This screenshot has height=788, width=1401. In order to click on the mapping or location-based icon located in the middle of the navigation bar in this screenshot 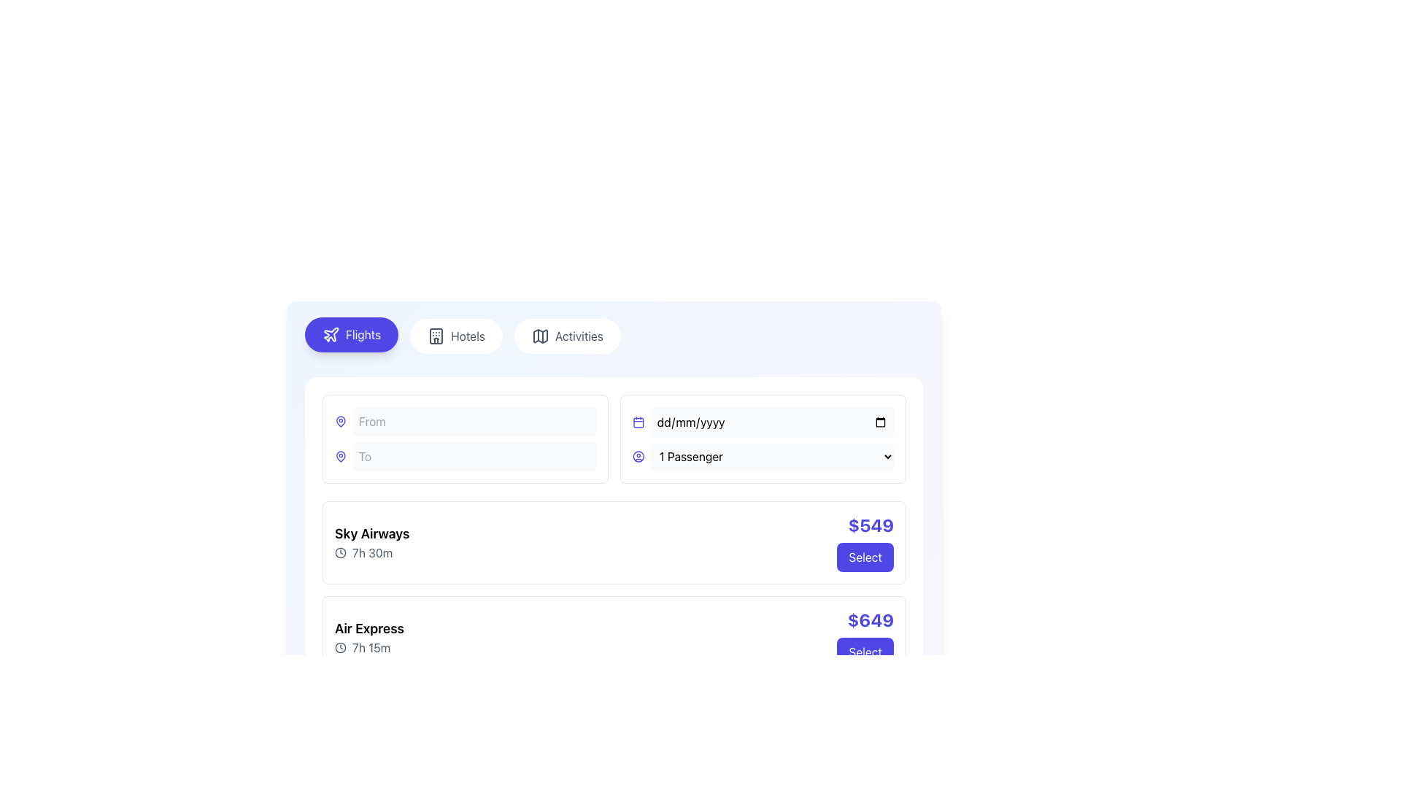, I will do `click(539, 336)`.